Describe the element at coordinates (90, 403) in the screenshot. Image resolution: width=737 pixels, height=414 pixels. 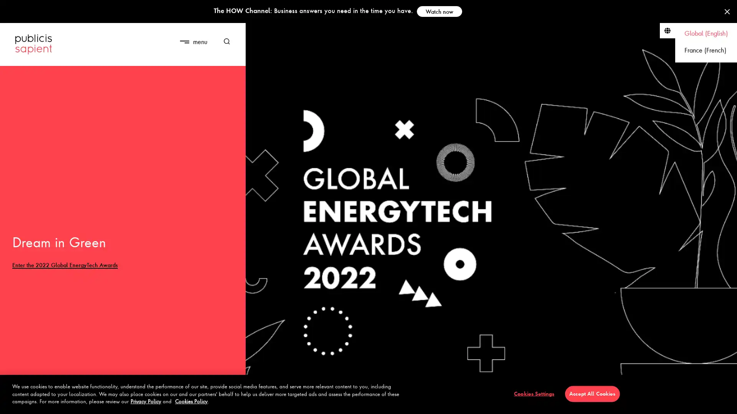
I see `Display Slide 7` at that location.